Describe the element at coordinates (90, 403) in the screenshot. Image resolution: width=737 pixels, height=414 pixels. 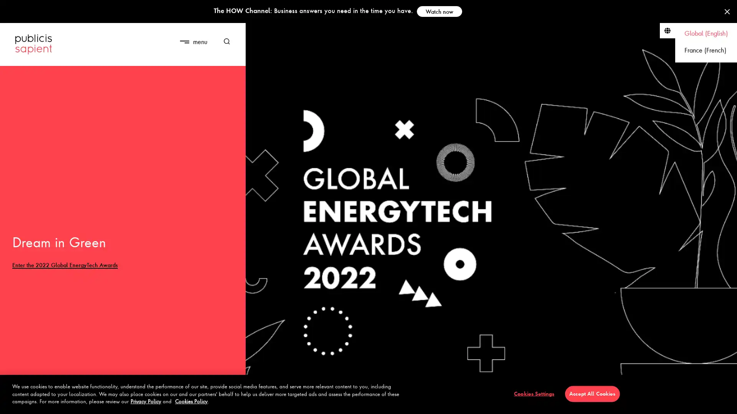
I see `Display Slide 7` at that location.